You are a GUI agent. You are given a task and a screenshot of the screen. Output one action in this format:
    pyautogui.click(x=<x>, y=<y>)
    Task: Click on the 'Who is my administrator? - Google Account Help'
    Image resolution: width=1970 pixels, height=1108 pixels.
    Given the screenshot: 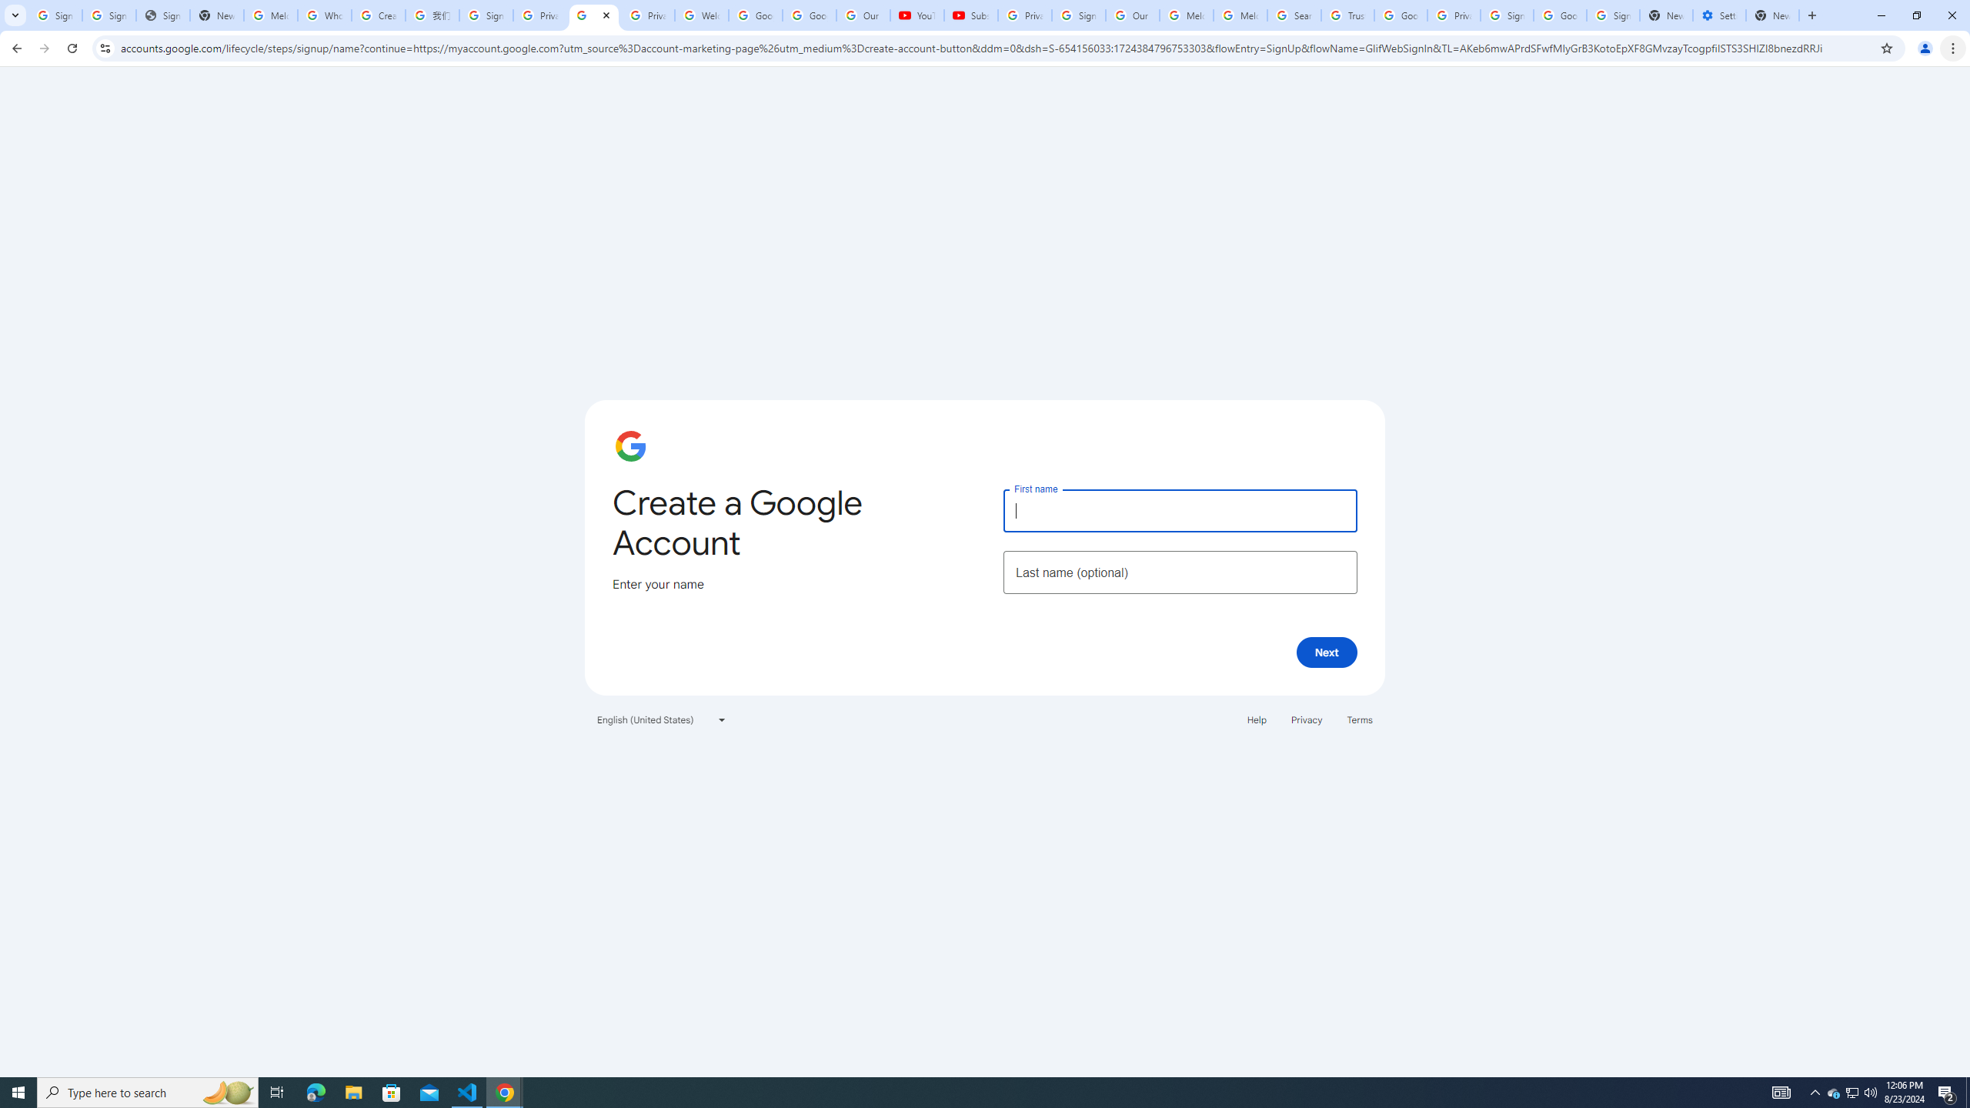 What is the action you would take?
    pyautogui.click(x=324, y=15)
    